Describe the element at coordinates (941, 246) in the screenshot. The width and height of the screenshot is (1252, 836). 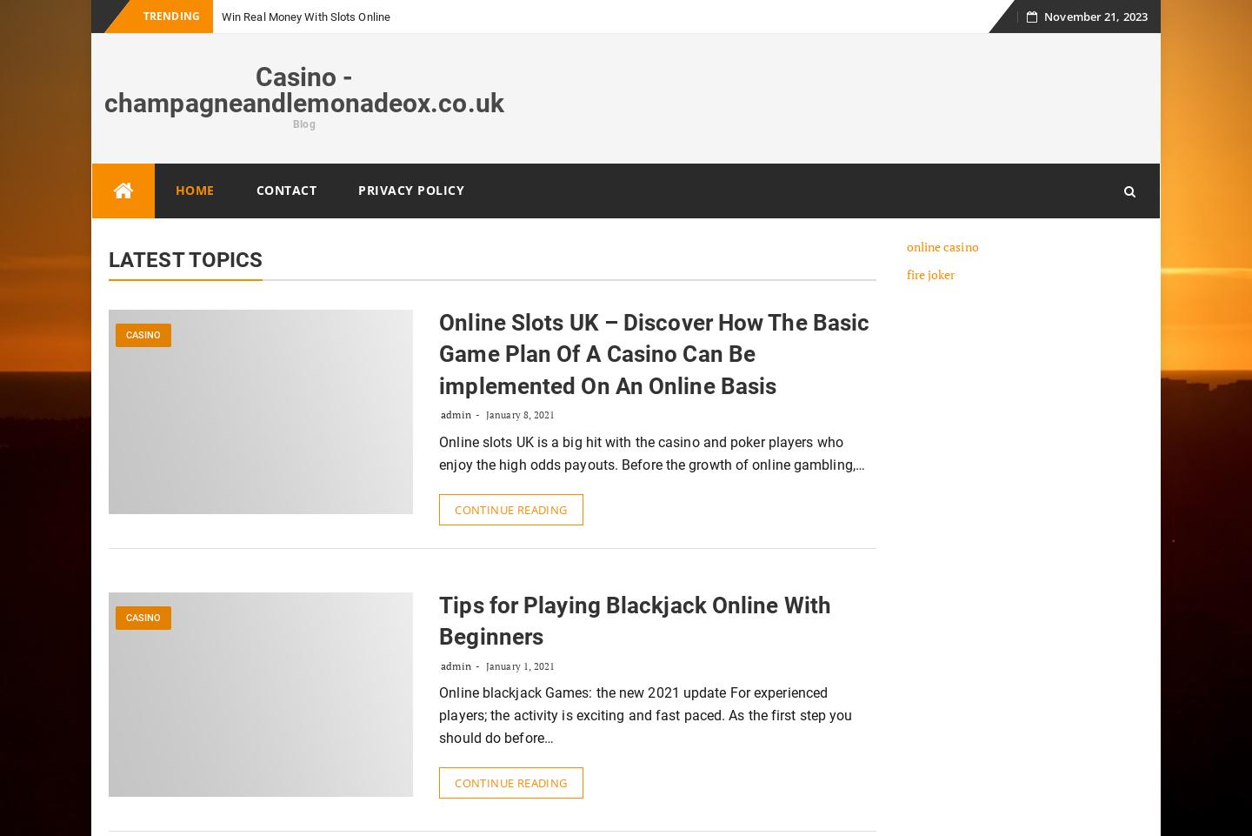
I see `'online casino'` at that location.